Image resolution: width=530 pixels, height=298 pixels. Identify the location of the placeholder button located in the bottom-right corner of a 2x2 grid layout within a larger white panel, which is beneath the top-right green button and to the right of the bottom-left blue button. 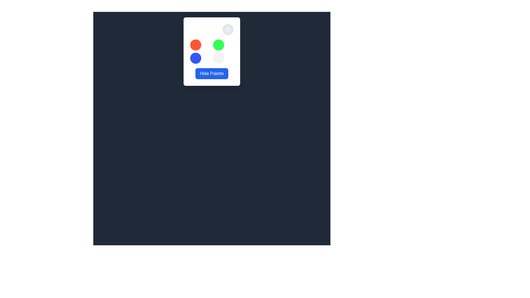
(218, 58).